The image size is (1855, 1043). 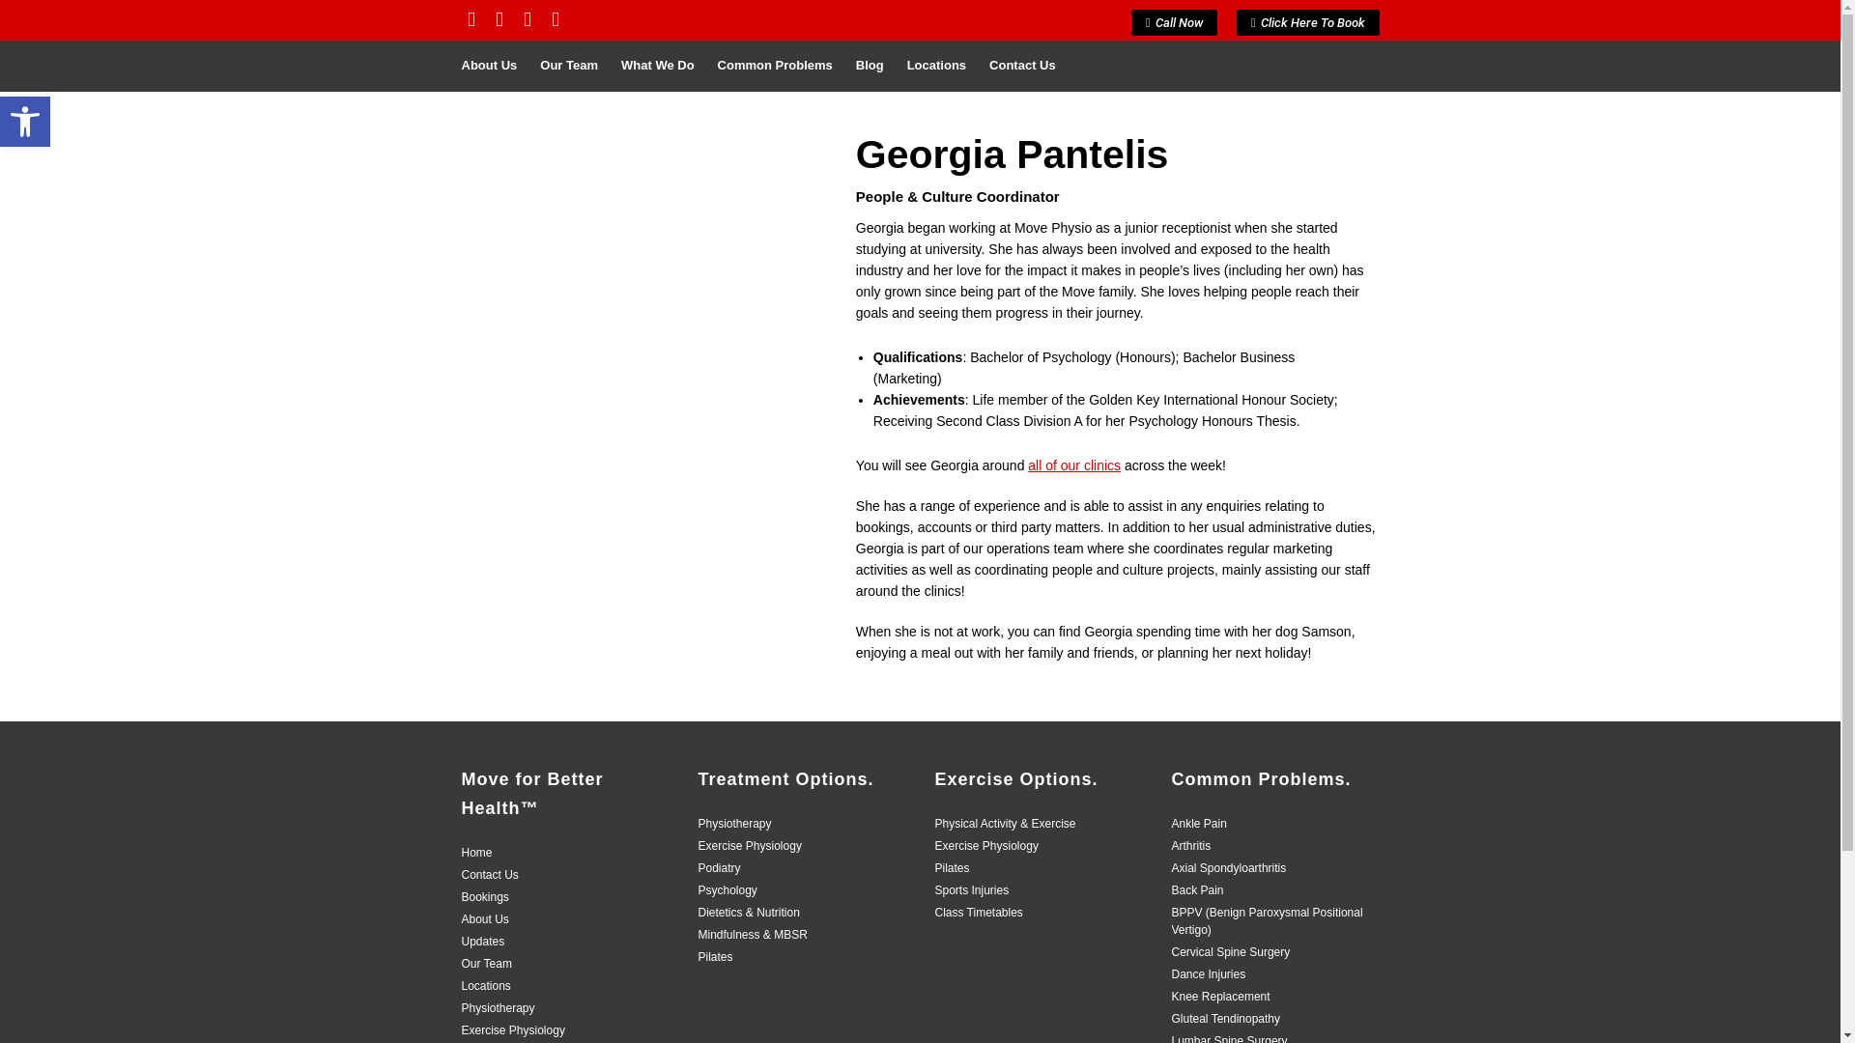 I want to click on 'What We Do', so click(x=658, y=65).